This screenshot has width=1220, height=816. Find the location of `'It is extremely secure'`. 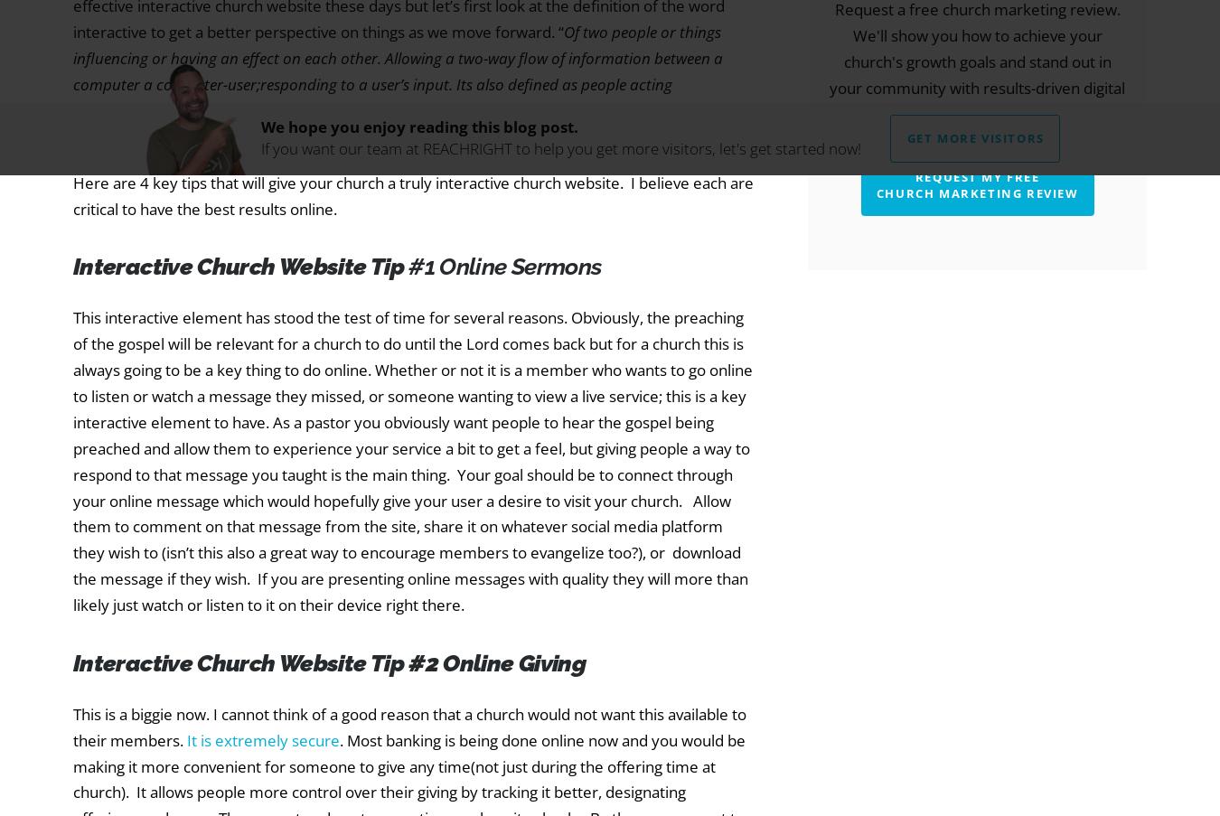

'It is extremely secure' is located at coordinates (262, 738).